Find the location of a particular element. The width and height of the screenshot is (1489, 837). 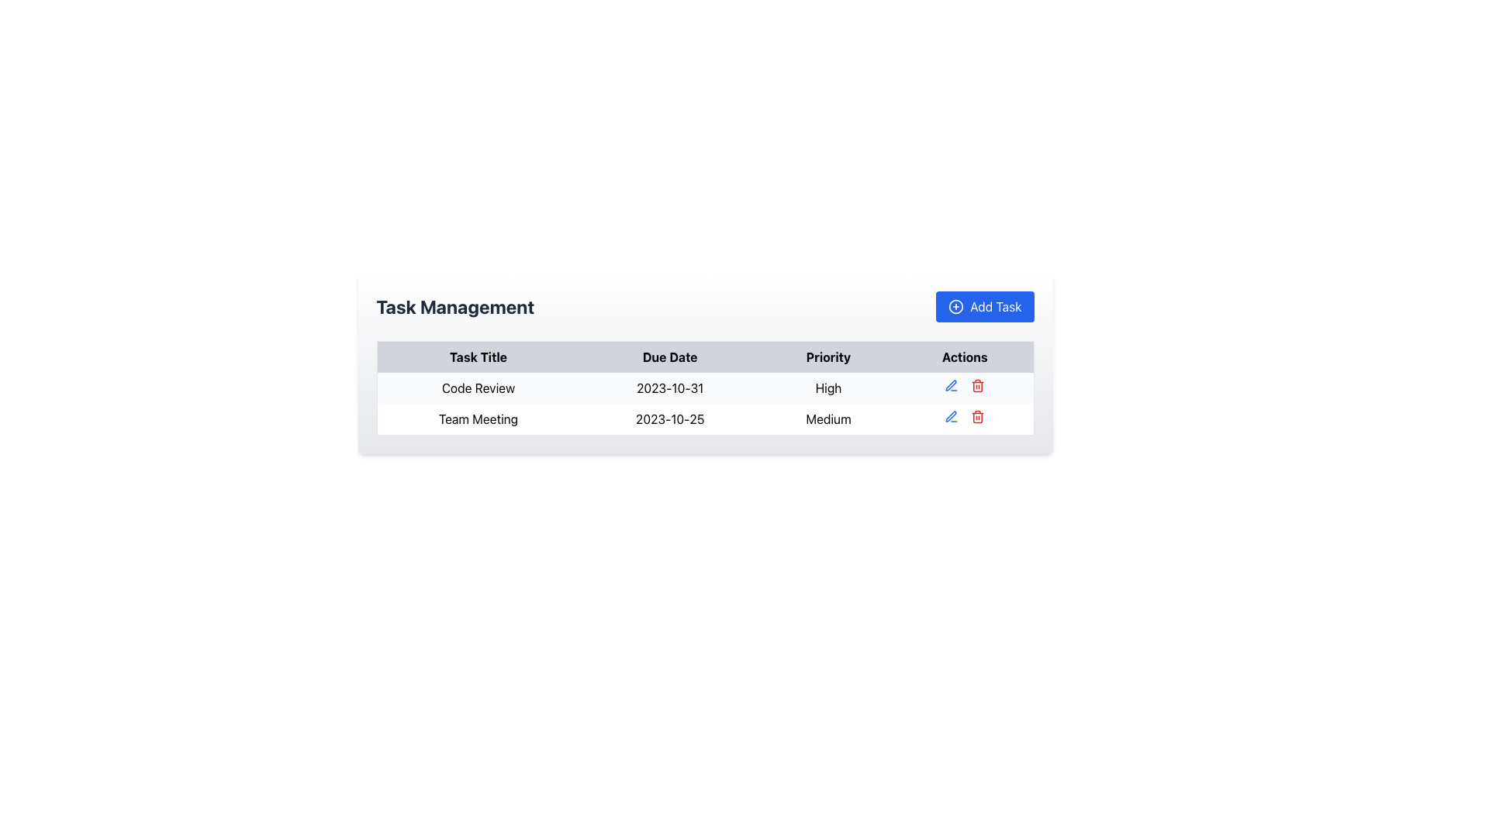

the blue button with the text 'Add Task' located at the top-right corner within the 'Task Management' interface is located at coordinates (984, 307).